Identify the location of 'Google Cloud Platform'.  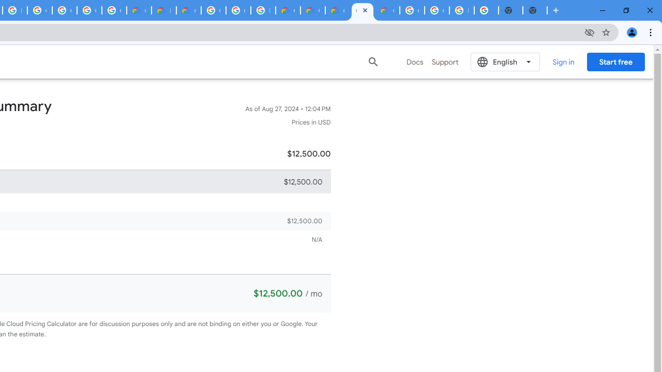
(213, 10).